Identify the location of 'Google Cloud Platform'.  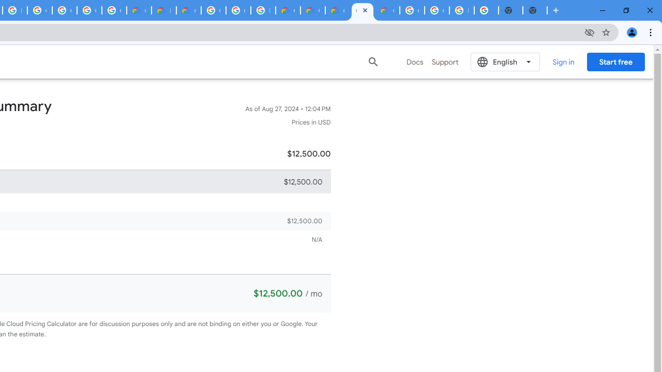
(213, 10).